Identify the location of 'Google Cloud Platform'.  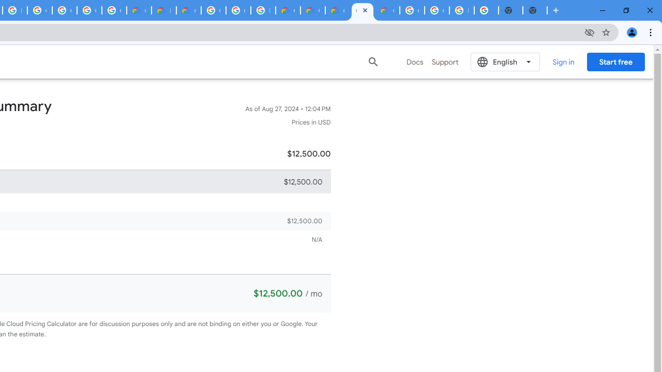
(213, 10).